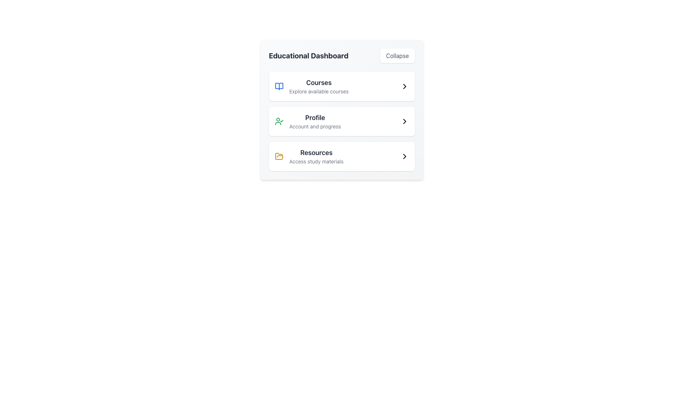  What do you see at coordinates (279, 86) in the screenshot?
I see `the open book icon element located to the left of the 'Courses' text in the dashboard feature list` at bounding box center [279, 86].